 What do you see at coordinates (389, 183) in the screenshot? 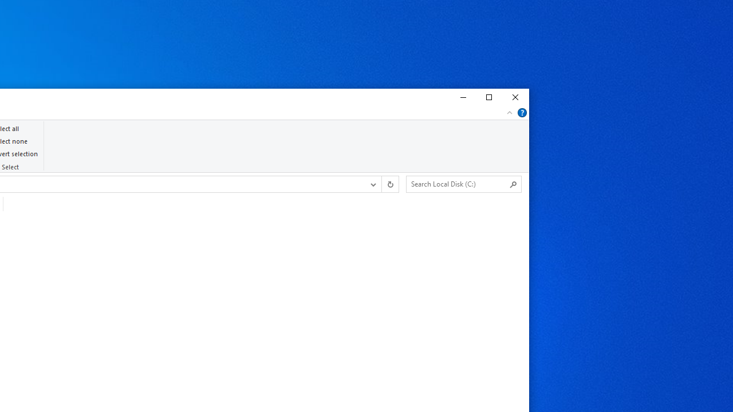
I see `'Refresh "Local Disk (C:)" (F5)'` at bounding box center [389, 183].